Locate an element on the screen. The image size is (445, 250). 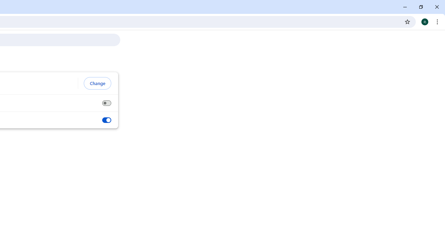
'Show downloads when they' is located at coordinates (106, 120).